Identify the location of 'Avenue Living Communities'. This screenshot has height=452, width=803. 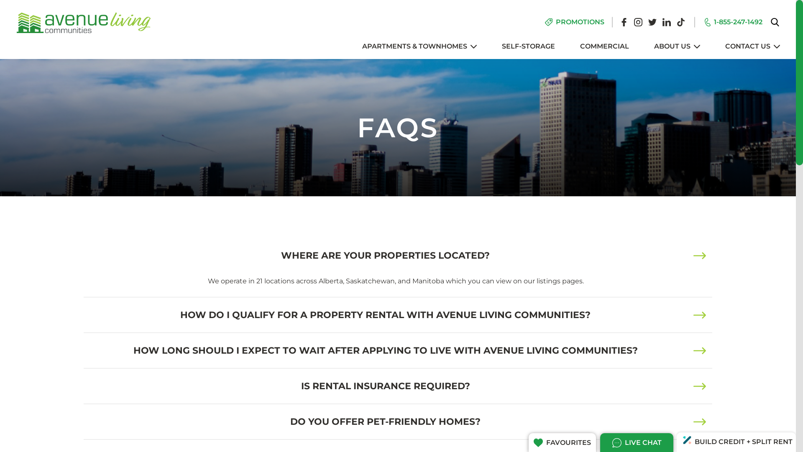
(16, 22).